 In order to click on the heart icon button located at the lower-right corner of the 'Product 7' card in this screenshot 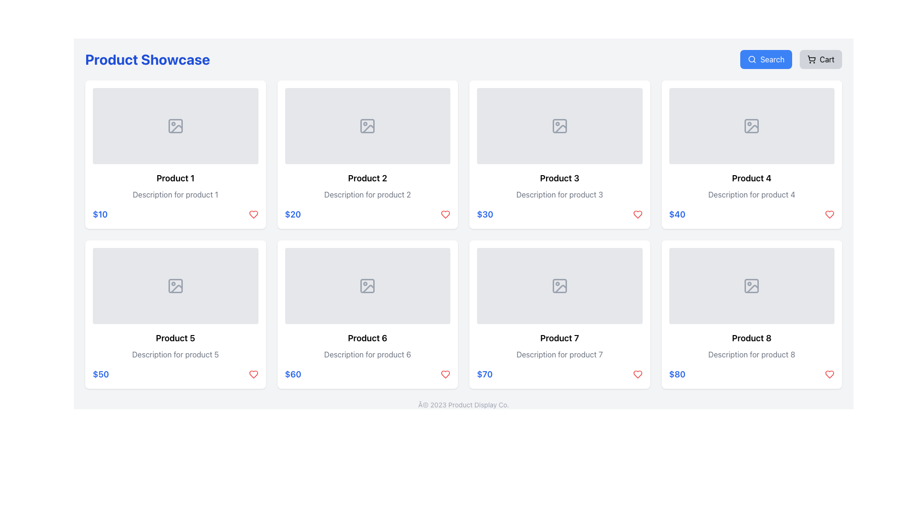, I will do `click(445, 374)`.